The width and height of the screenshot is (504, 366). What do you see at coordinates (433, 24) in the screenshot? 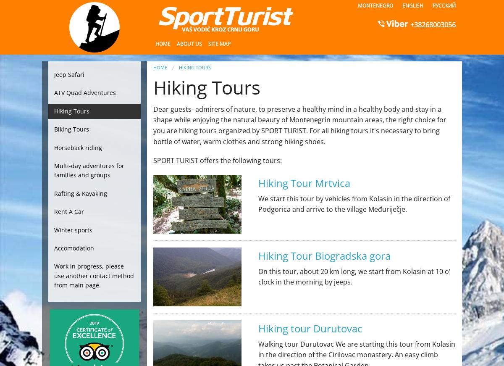
I see `'+38268003056'` at bounding box center [433, 24].